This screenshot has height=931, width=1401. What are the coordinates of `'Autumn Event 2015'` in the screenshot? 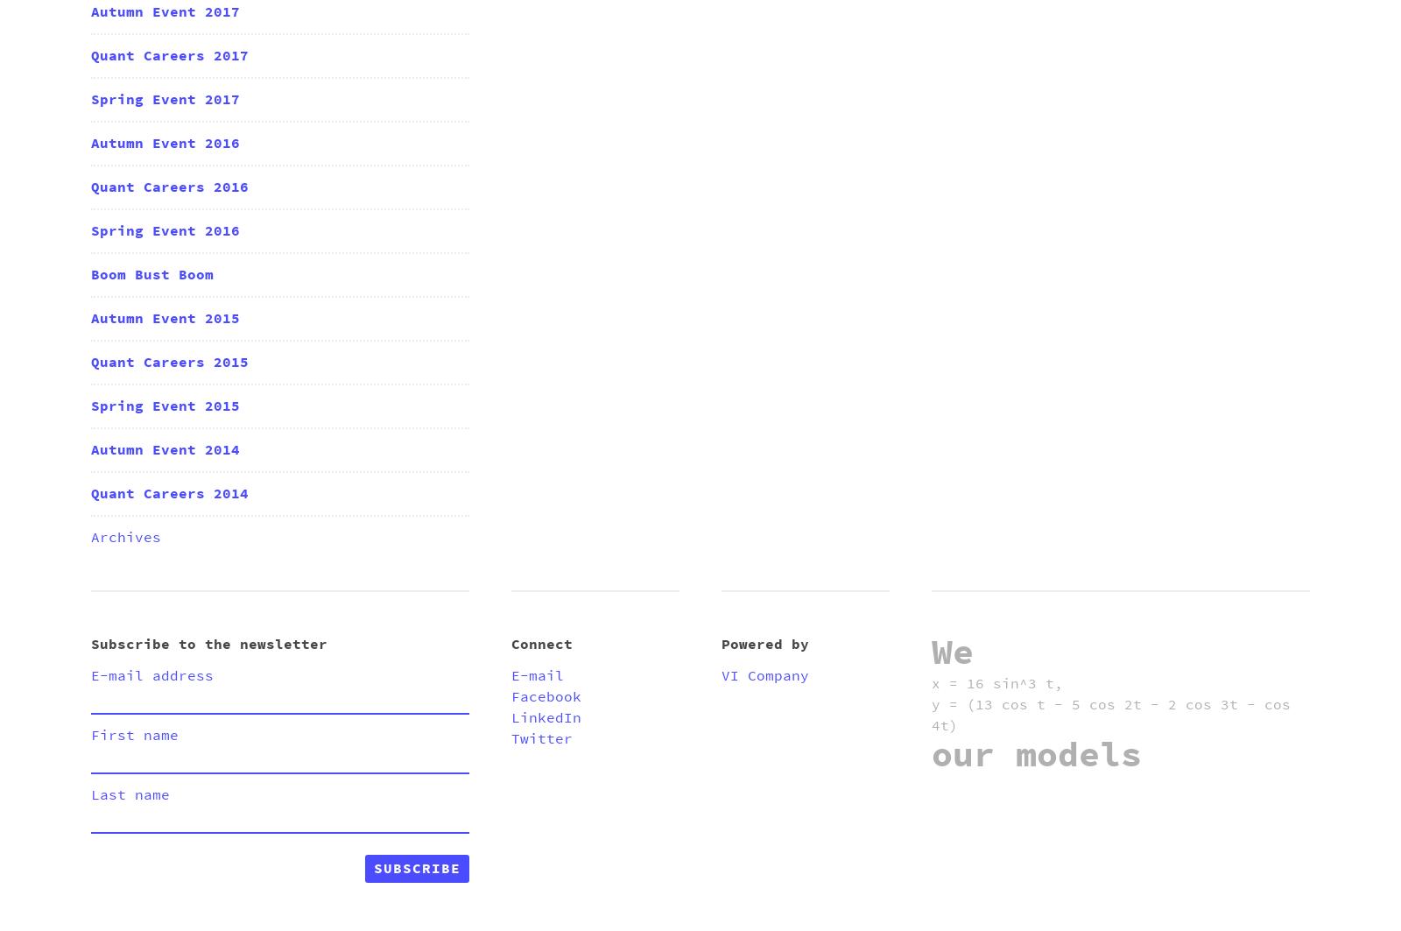 It's located at (90, 318).